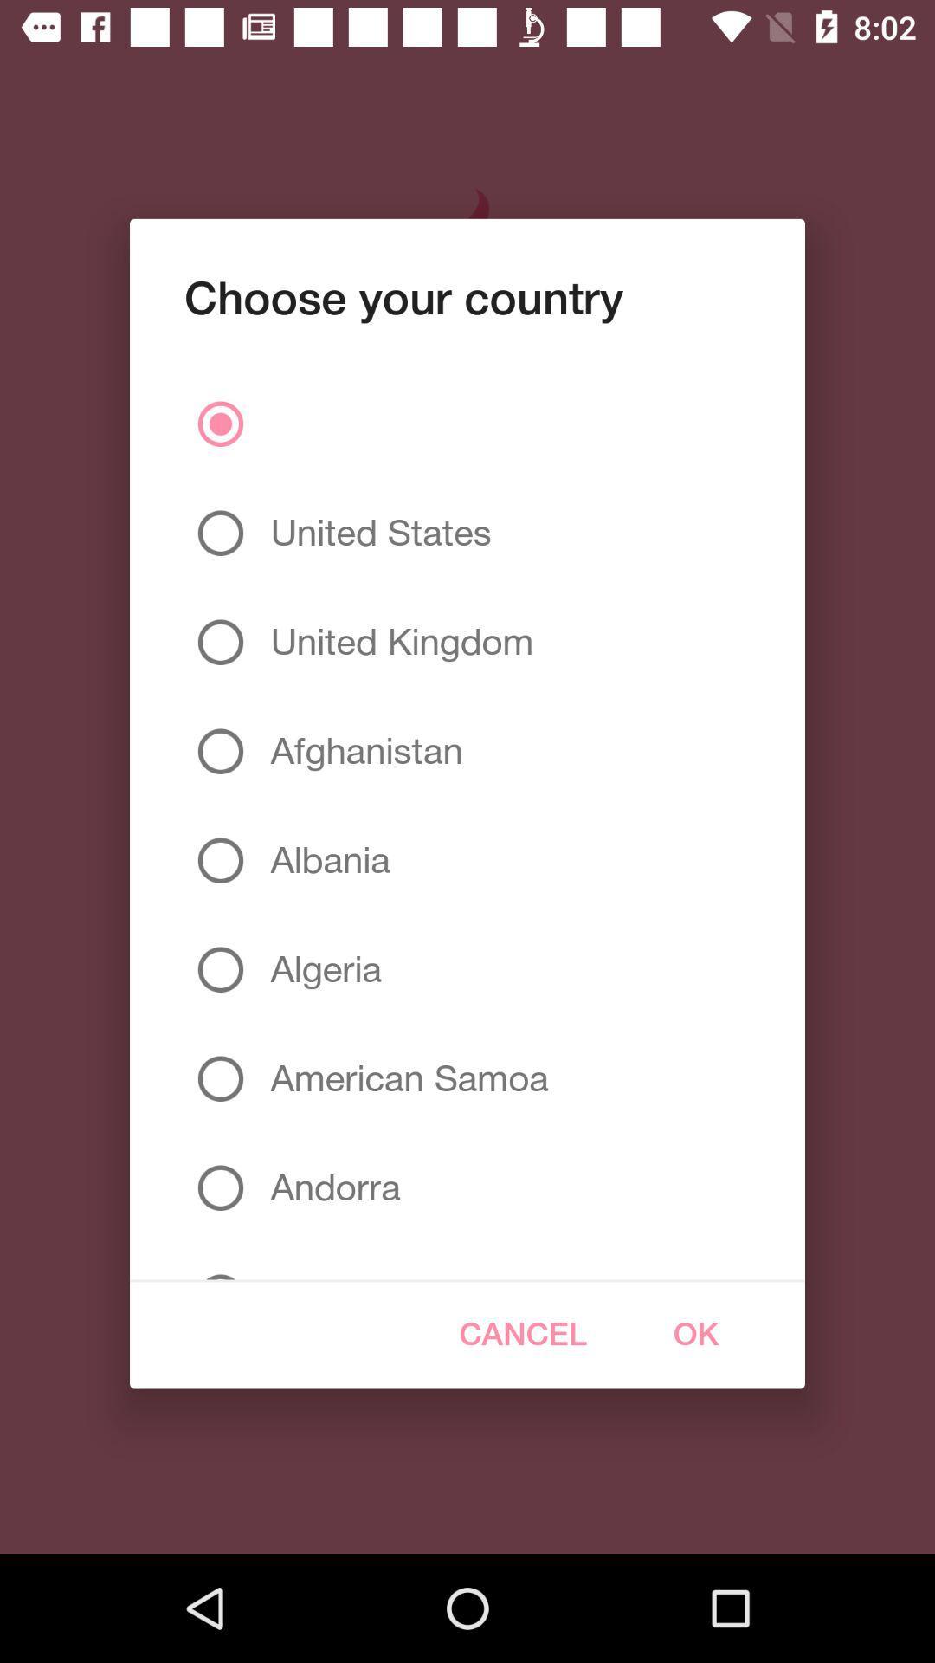  Describe the element at coordinates (323, 860) in the screenshot. I see `albania item` at that location.